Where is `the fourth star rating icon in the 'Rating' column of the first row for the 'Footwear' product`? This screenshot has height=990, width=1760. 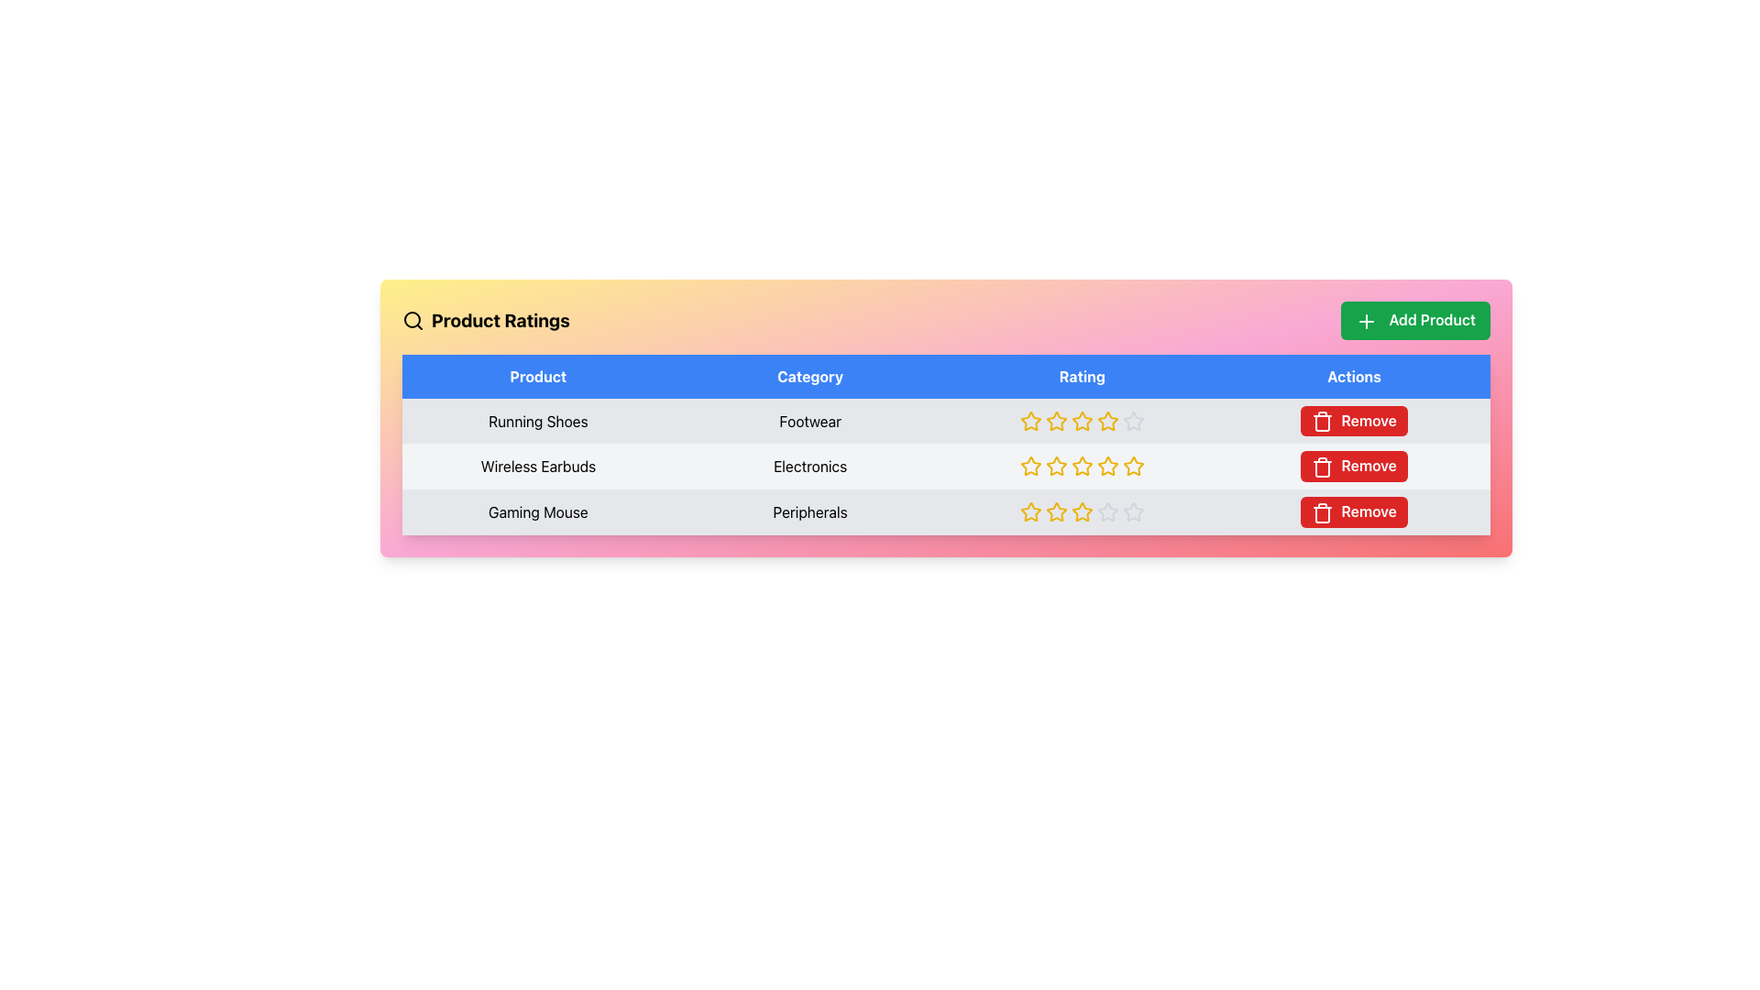
the fourth star rating icon in the 'Rating' column of the first row for the 'Footwear' product is located at coordinates (1082, 421).